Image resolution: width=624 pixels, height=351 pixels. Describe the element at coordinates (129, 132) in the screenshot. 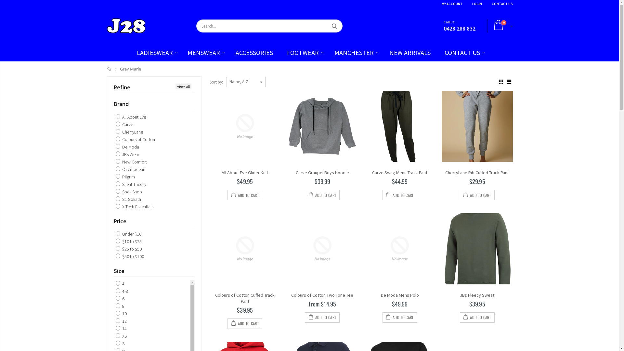

I see `'CherryLane'` at that location.